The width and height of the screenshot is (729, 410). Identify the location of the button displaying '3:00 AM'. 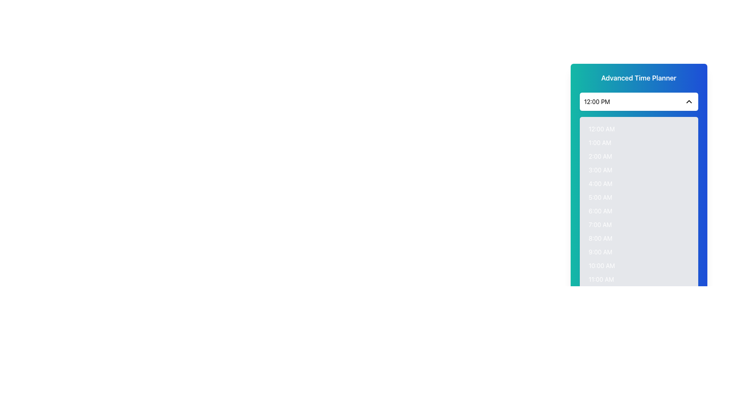
(638, 169).